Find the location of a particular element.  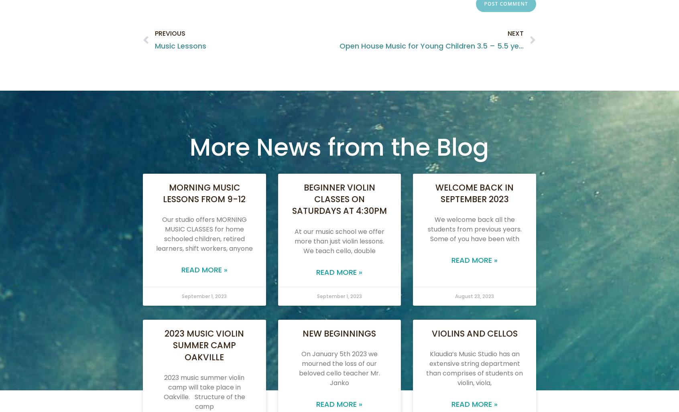

'On January 5th 2023 we mourned the loss of our beloved cello teacher Mr. Janko' is located at coordinates (339, 368).